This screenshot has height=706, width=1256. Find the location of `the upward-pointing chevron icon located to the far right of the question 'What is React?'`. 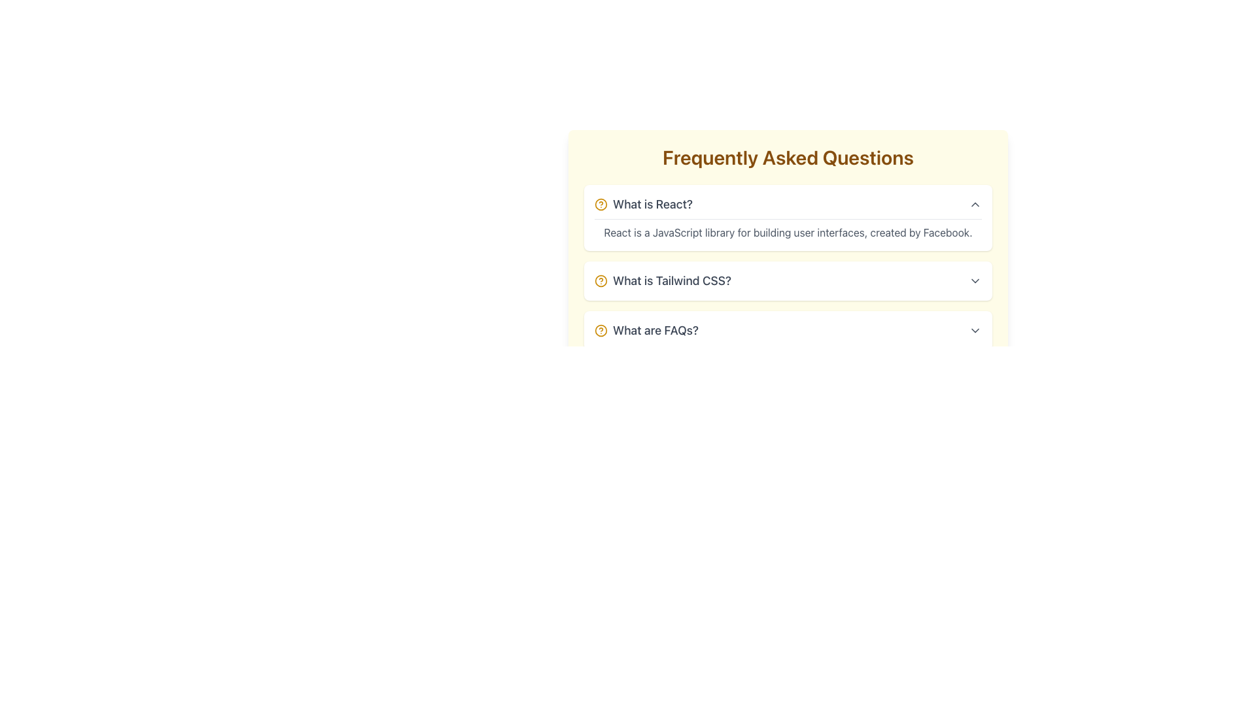

the upward-pointing chevron icon located to the far right of the question 'What is React?' is located at coordinates (975, 204).